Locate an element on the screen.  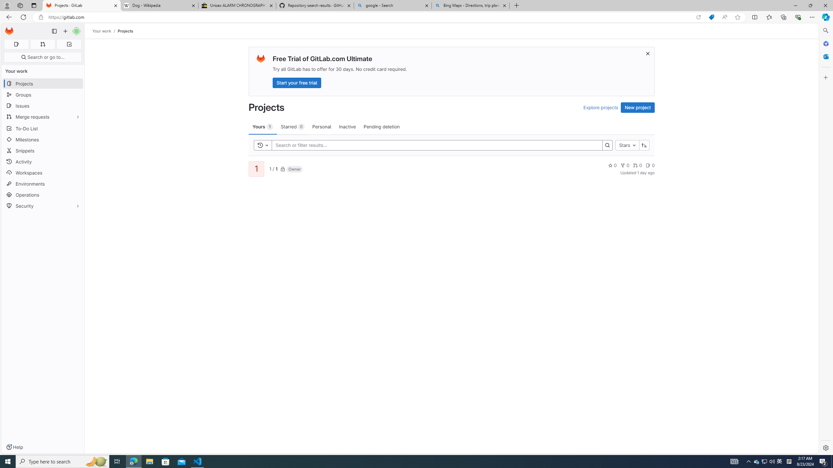
'Explore projects' is located at coordinates (600, 107).